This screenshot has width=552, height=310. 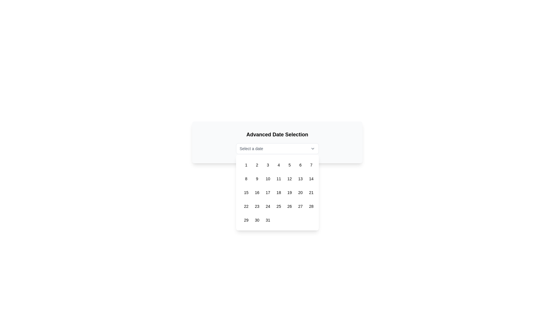 I want to click on the rounded rectangular button displaying the day '18' in the calendar week-grid layout, so click(x=279, y=193).